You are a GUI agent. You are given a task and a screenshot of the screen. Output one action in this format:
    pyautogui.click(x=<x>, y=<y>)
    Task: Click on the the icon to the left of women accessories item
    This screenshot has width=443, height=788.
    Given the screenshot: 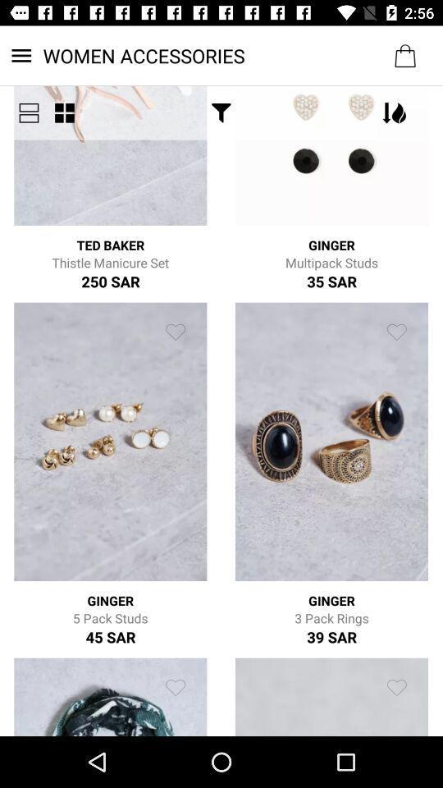 What is the action you would take?
    pyautogui.click(x=29, y=112)
    